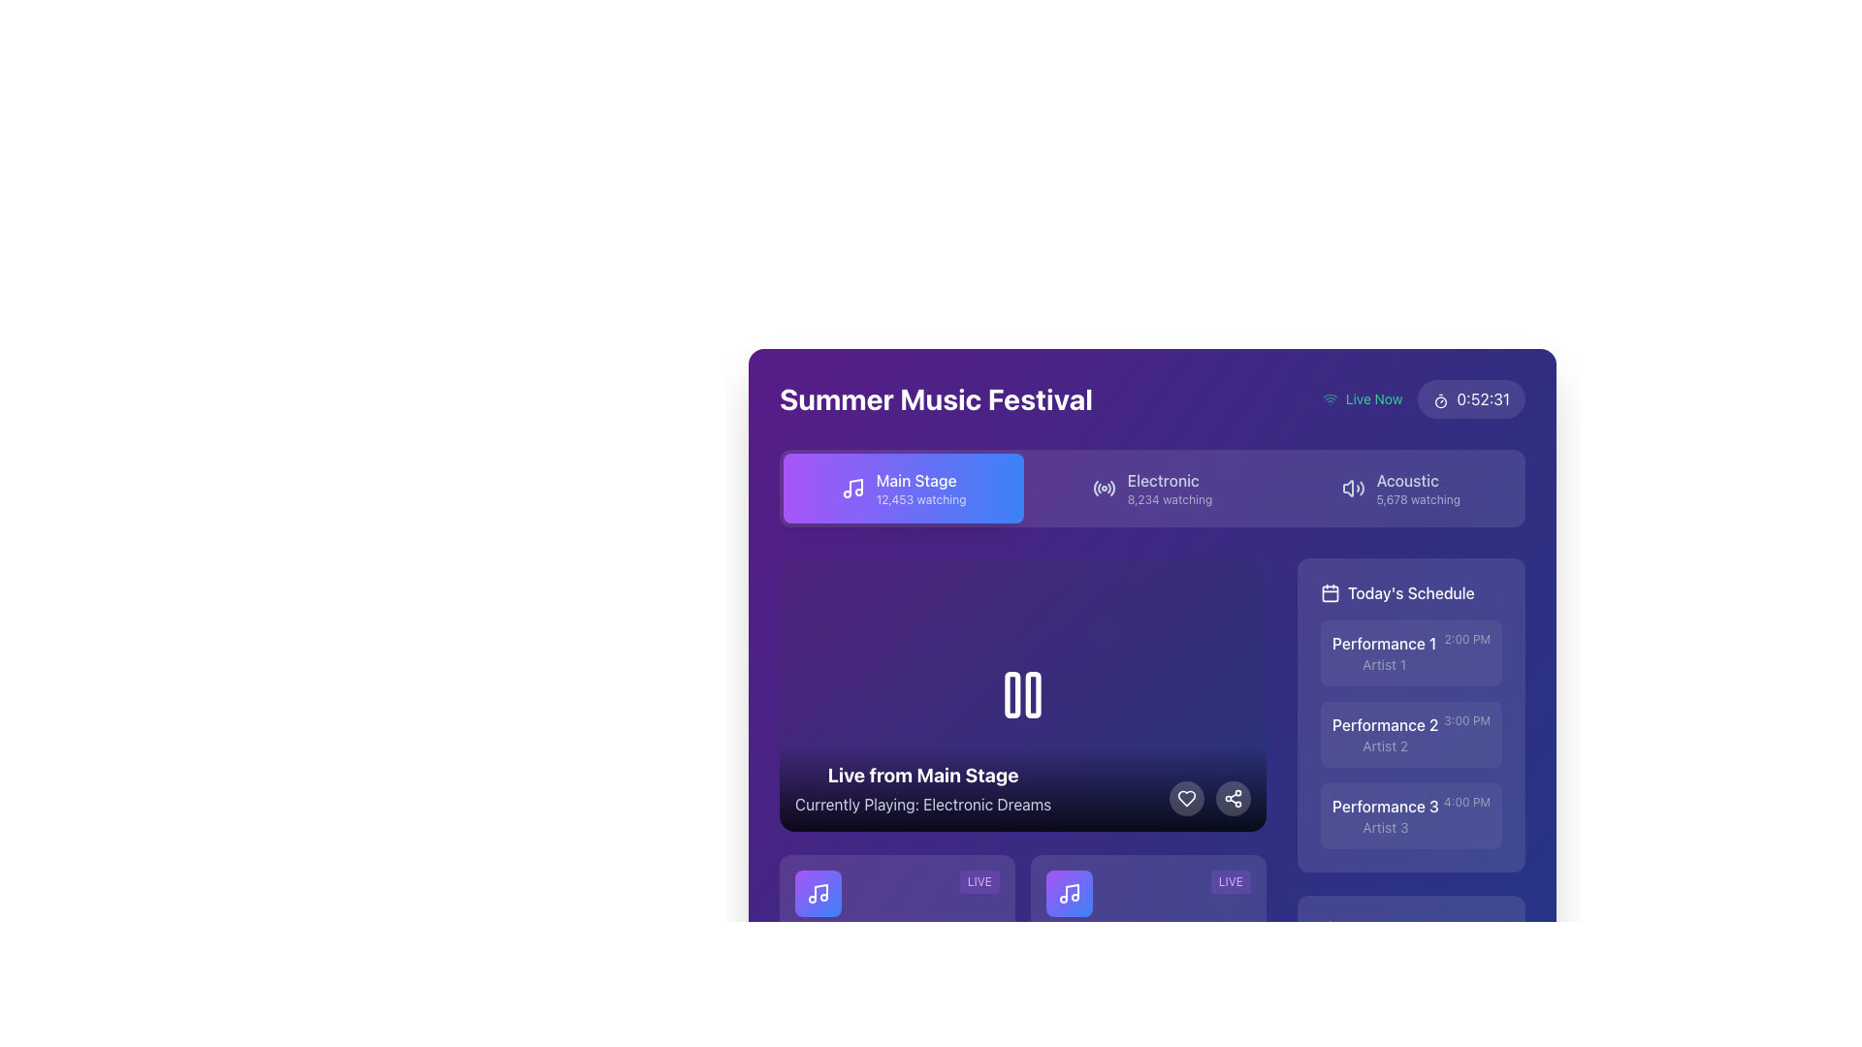 The height and width of the screenshot is (1047, 1862). Describe the element at coordinates (1233, 799) in the screenshot. I see `the sharing button located in the bottom-right area of the main display panel` at that location.